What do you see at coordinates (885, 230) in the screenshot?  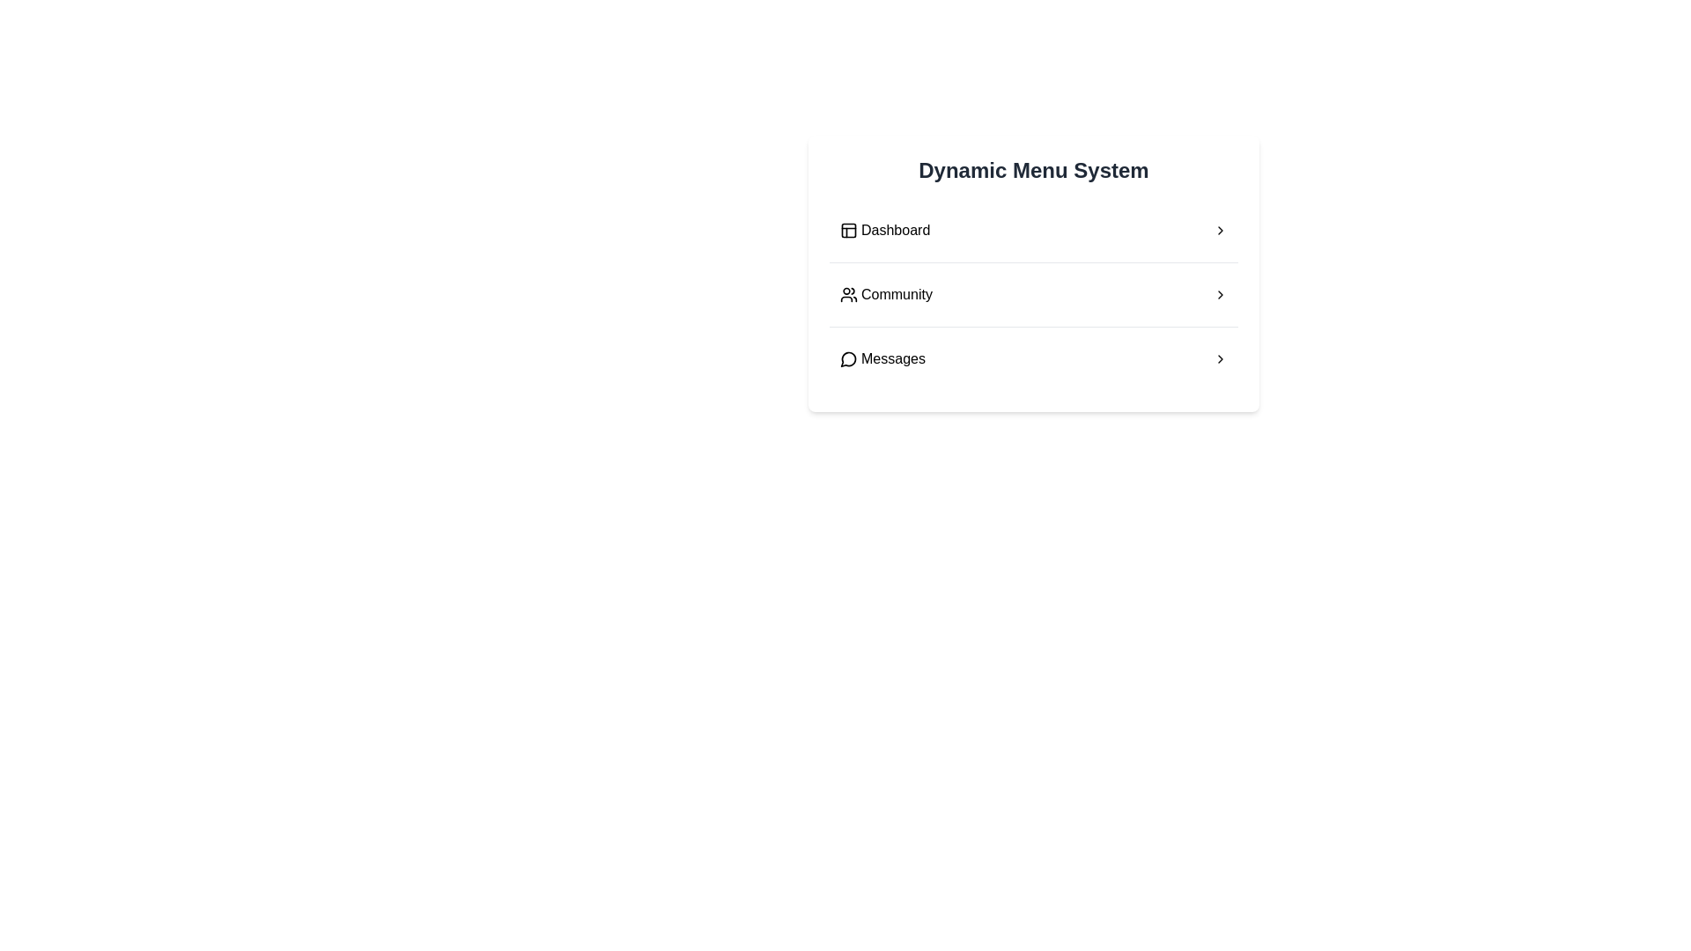 I see `the first clickable menu item under the 'Dynamic Menu System' header` at bounding box center [885, 230].